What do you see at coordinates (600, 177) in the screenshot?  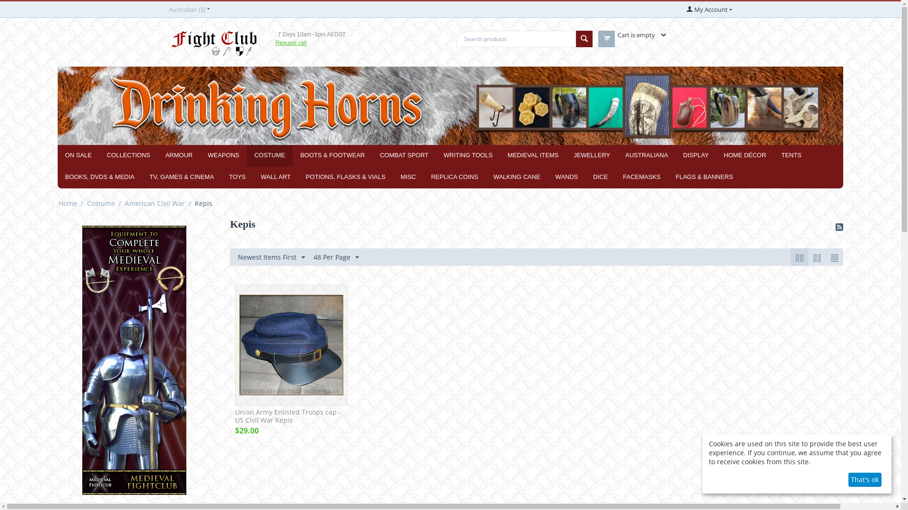 I see `'DICE'` at bounding box center [600, 177].